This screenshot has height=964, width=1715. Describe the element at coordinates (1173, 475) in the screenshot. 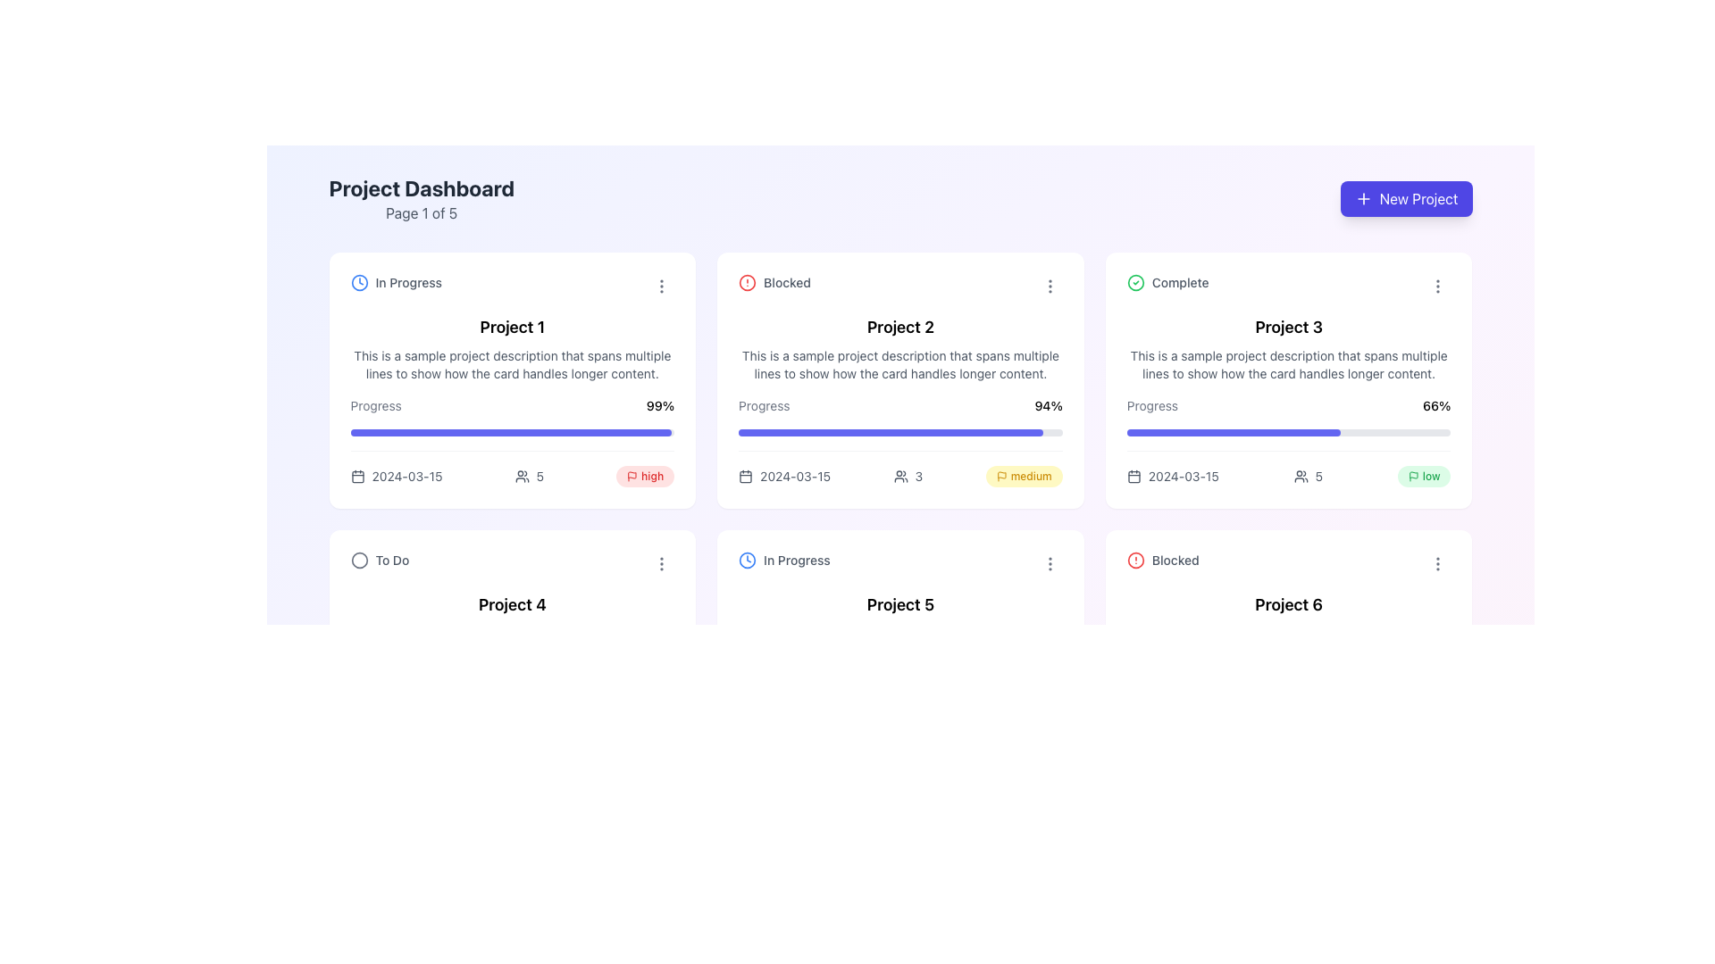

I see `the Date display element located in the 'Complete' section of 'Project 3', positioned at the bottom left of the card, for accessibility purposes` at that location.